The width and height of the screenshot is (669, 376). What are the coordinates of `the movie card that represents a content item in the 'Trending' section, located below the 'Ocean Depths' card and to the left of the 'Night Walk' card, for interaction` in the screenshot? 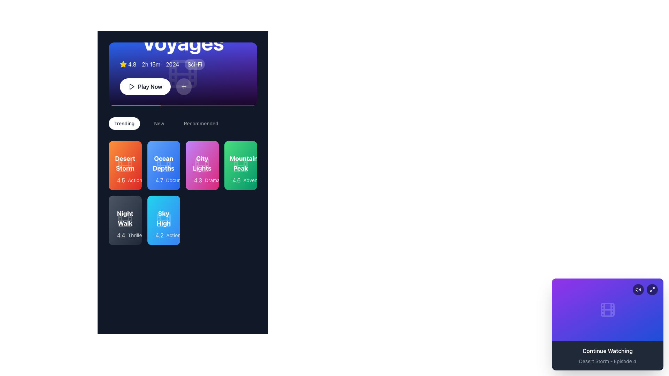 It's located at (163, 224).